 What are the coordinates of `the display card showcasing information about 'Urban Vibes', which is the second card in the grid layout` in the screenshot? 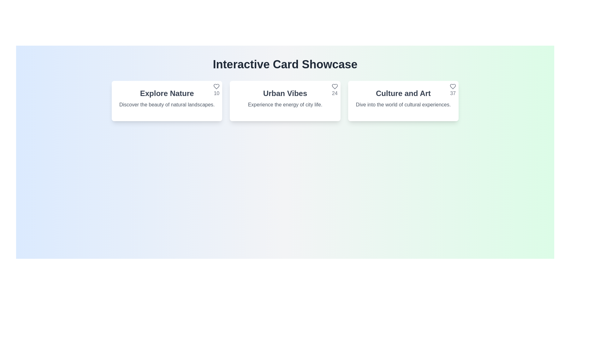 It's located at (285, 100).